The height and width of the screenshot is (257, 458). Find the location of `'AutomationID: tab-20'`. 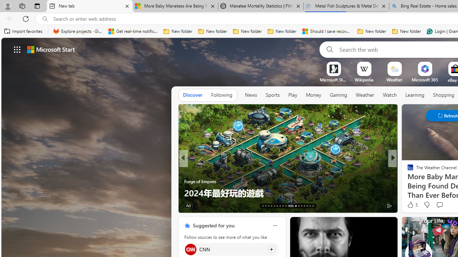

'AutomationID: tab-20' is located at coordinates (282, 206).